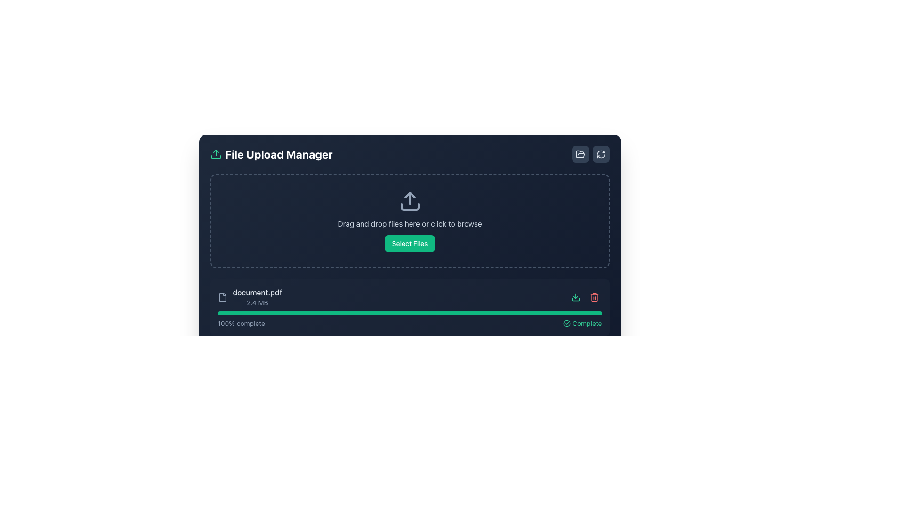  Describe the element at coordinates (582, 323) in the screenshot. I see `the Status indicator that features a green checkmark icon and the text 'Complete', which signifies a completed status` at that location.